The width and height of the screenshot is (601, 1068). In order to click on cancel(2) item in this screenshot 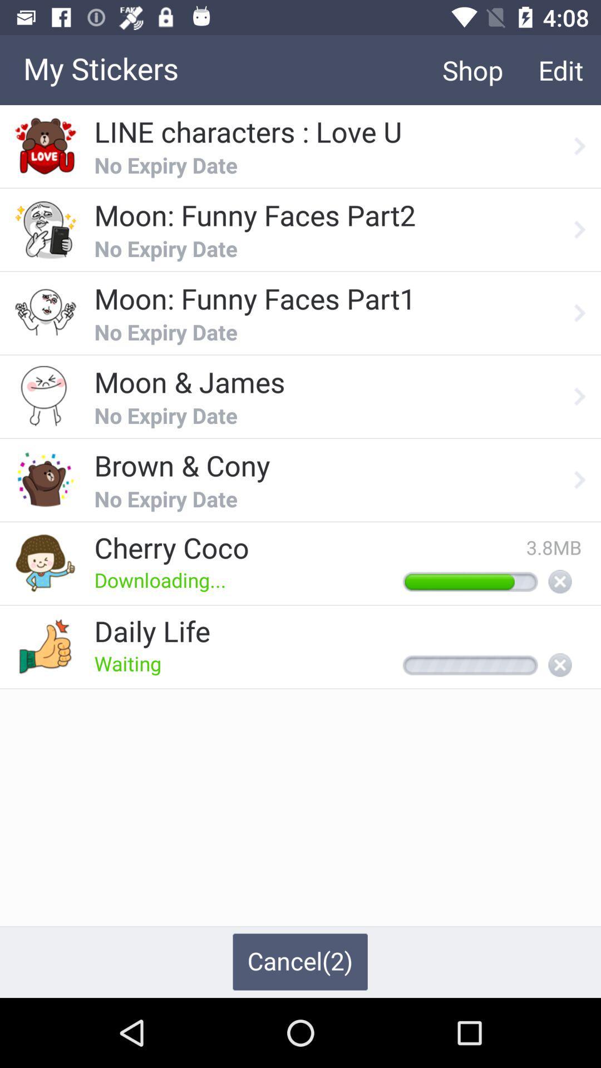, I will do `click(299, 961)`.